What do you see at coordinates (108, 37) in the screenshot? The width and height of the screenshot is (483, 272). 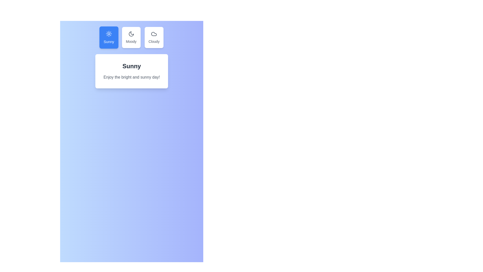 I see `the Sunny tab in the WeatherTabs component` at bounding box center [108, 37].